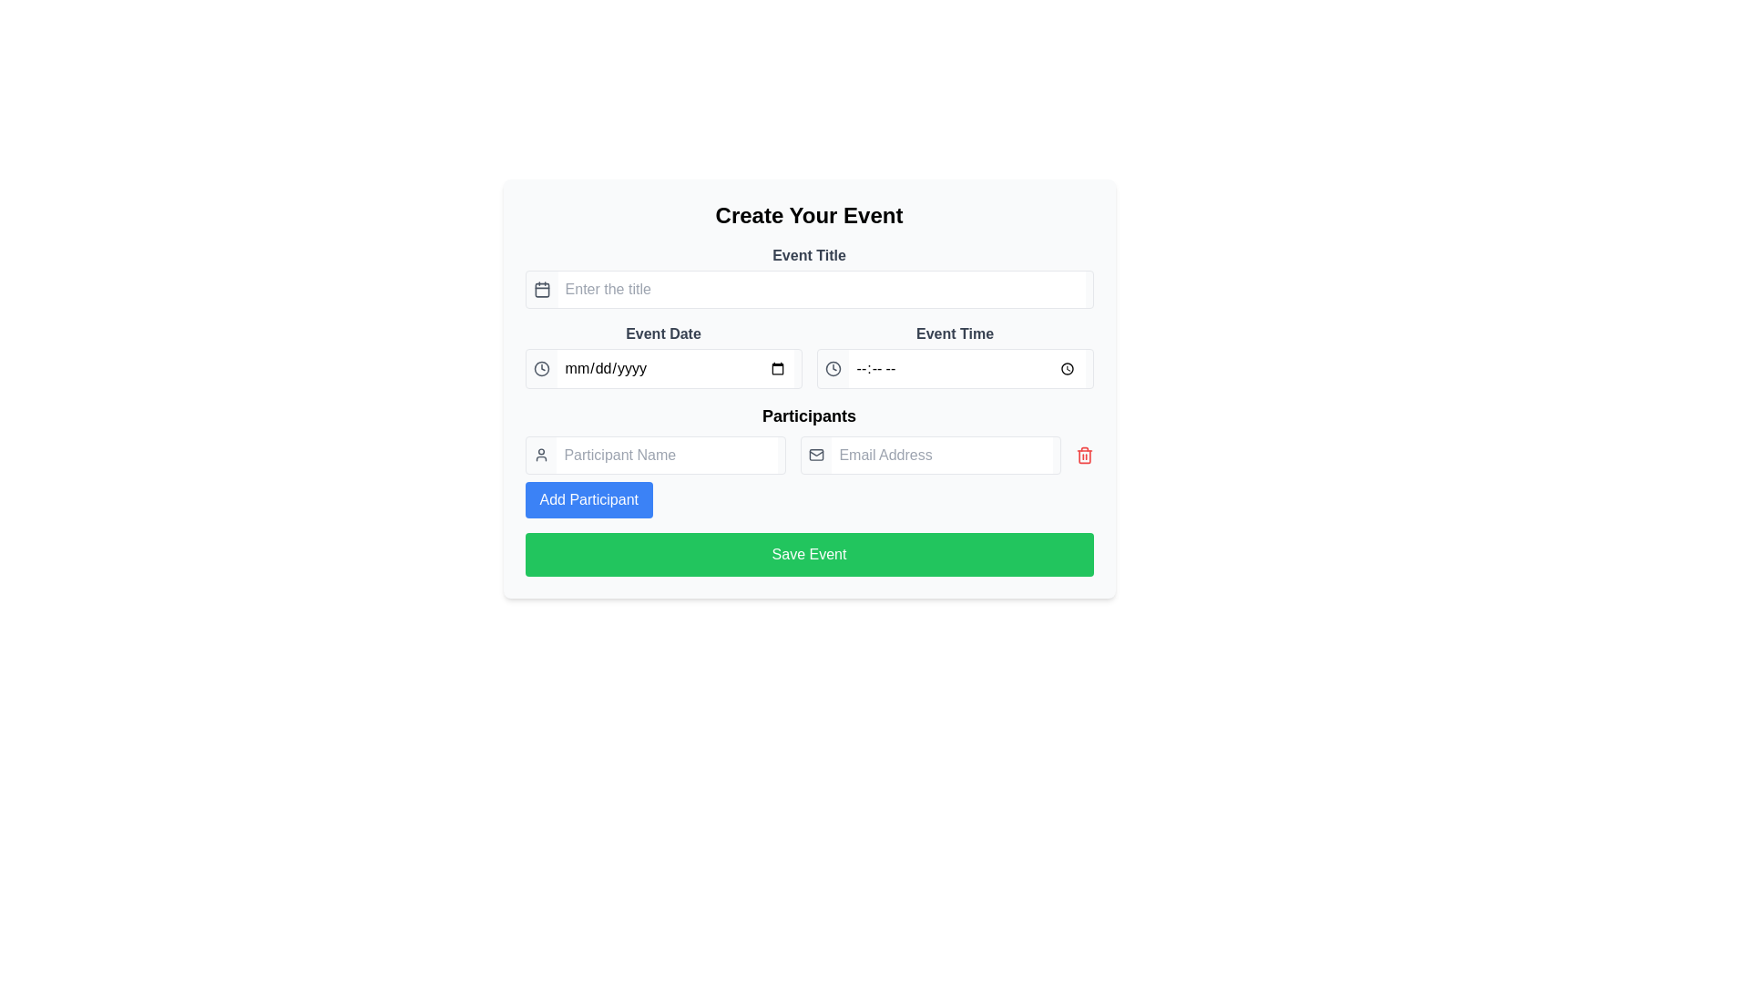  What do you see at coordinates (1084, 455) in the screenshot?
I see `the delete icon button located to the far right in the participant entry row` at bounding box center [1084, 455].